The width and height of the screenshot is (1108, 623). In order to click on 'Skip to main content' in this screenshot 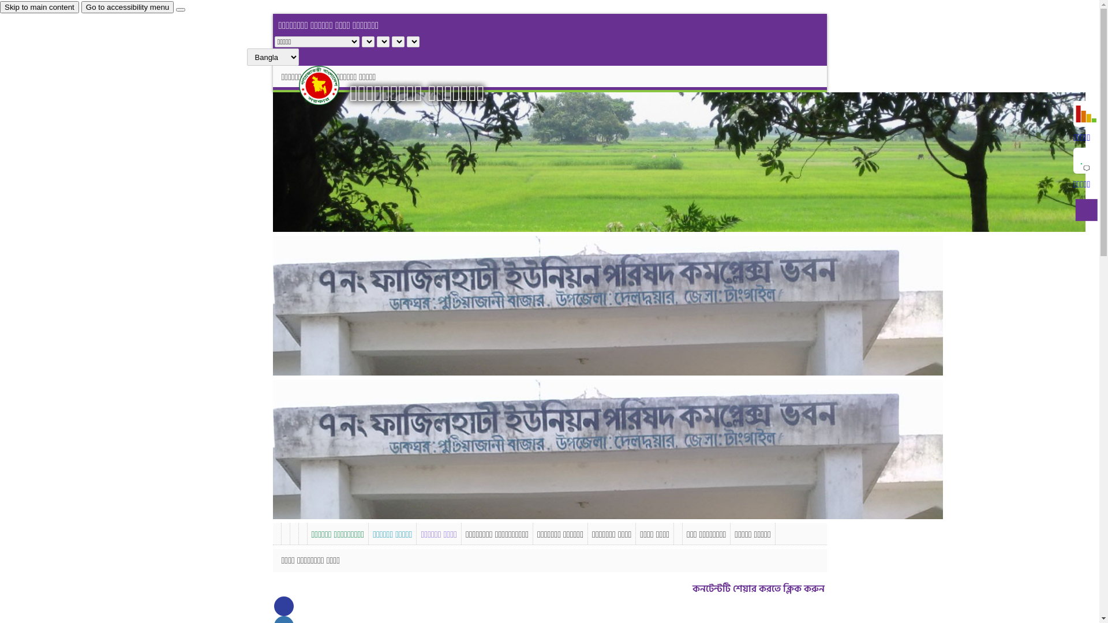, I will do `click(39, 7)`.